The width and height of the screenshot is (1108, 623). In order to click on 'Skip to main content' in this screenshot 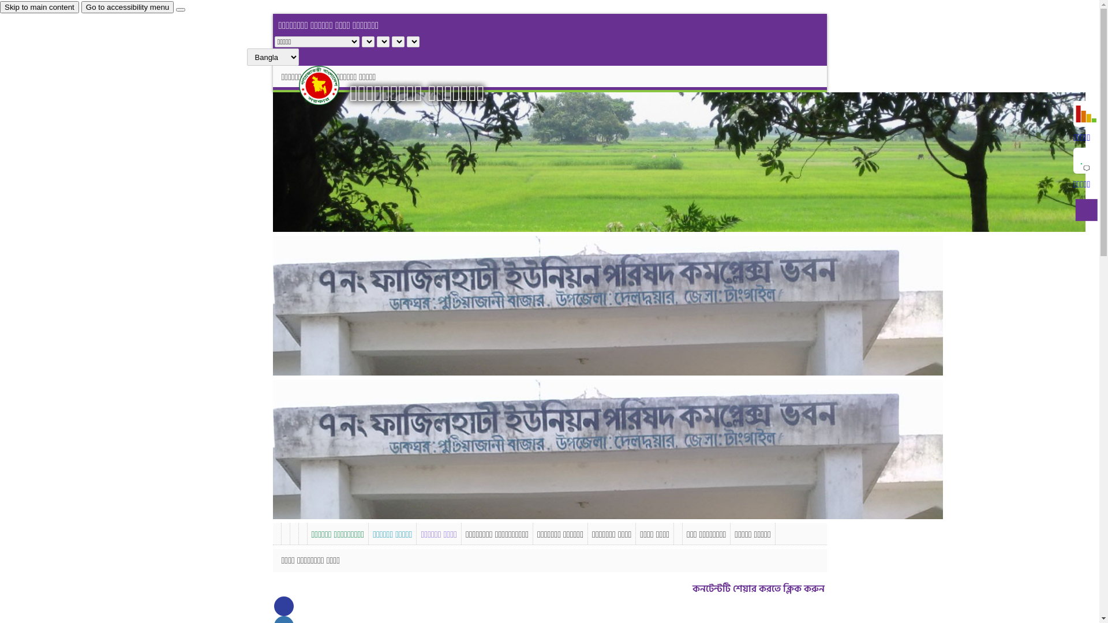, I will do `click(39, 7)`.